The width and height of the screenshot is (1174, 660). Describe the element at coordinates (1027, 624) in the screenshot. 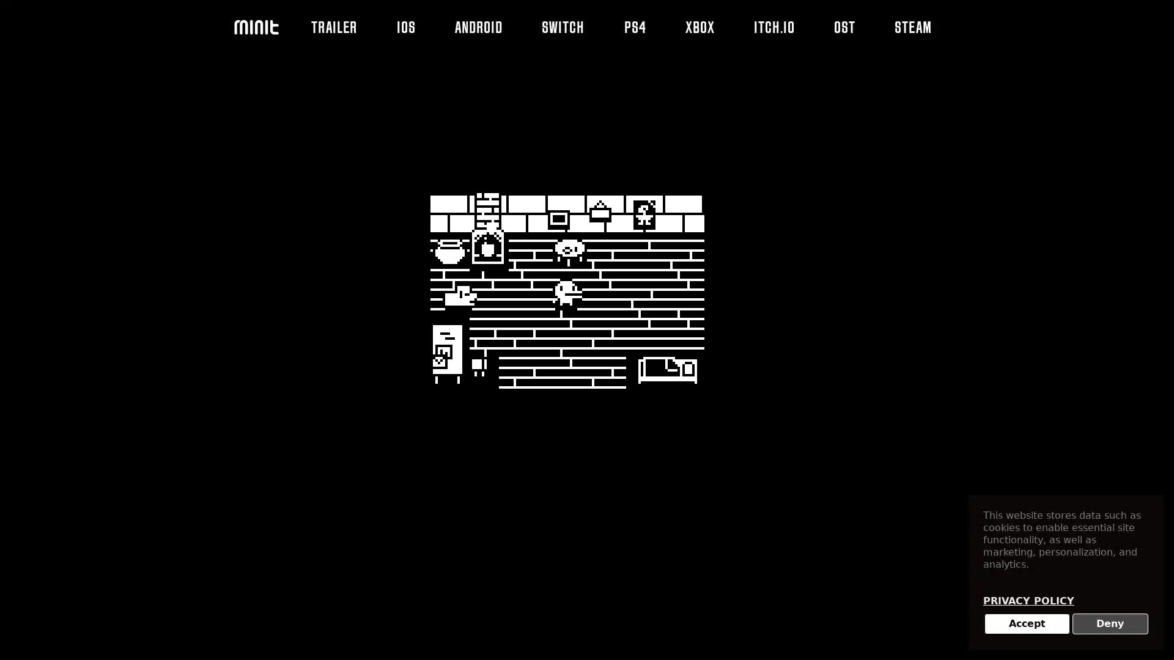

I see `Accept` at that location.